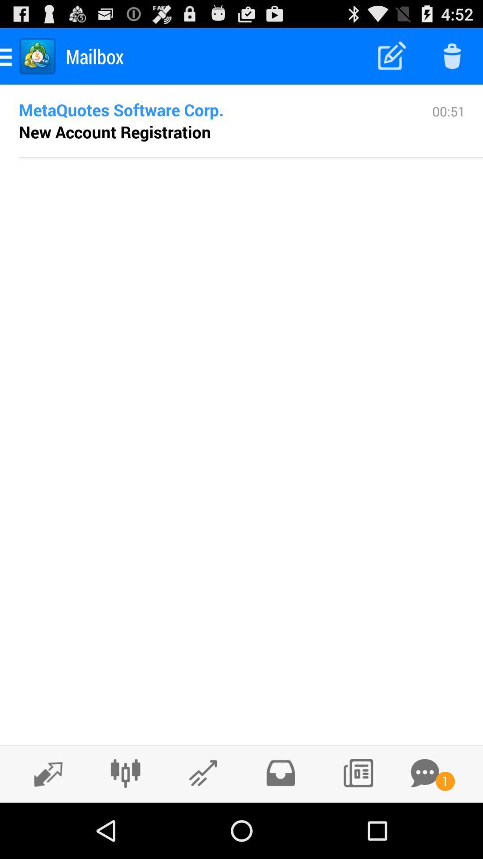  I want to click on the icon next to 00:51, so click(211, 109).